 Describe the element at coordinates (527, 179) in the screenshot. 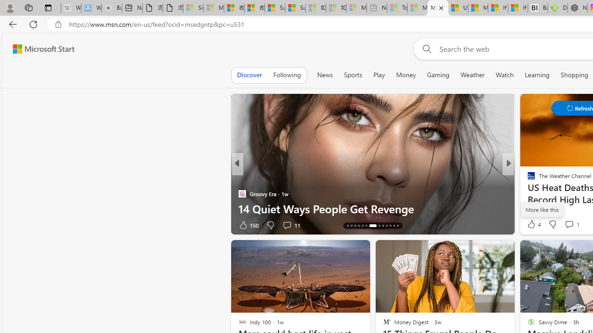

I see `'ChaChingQueen'` at that location.